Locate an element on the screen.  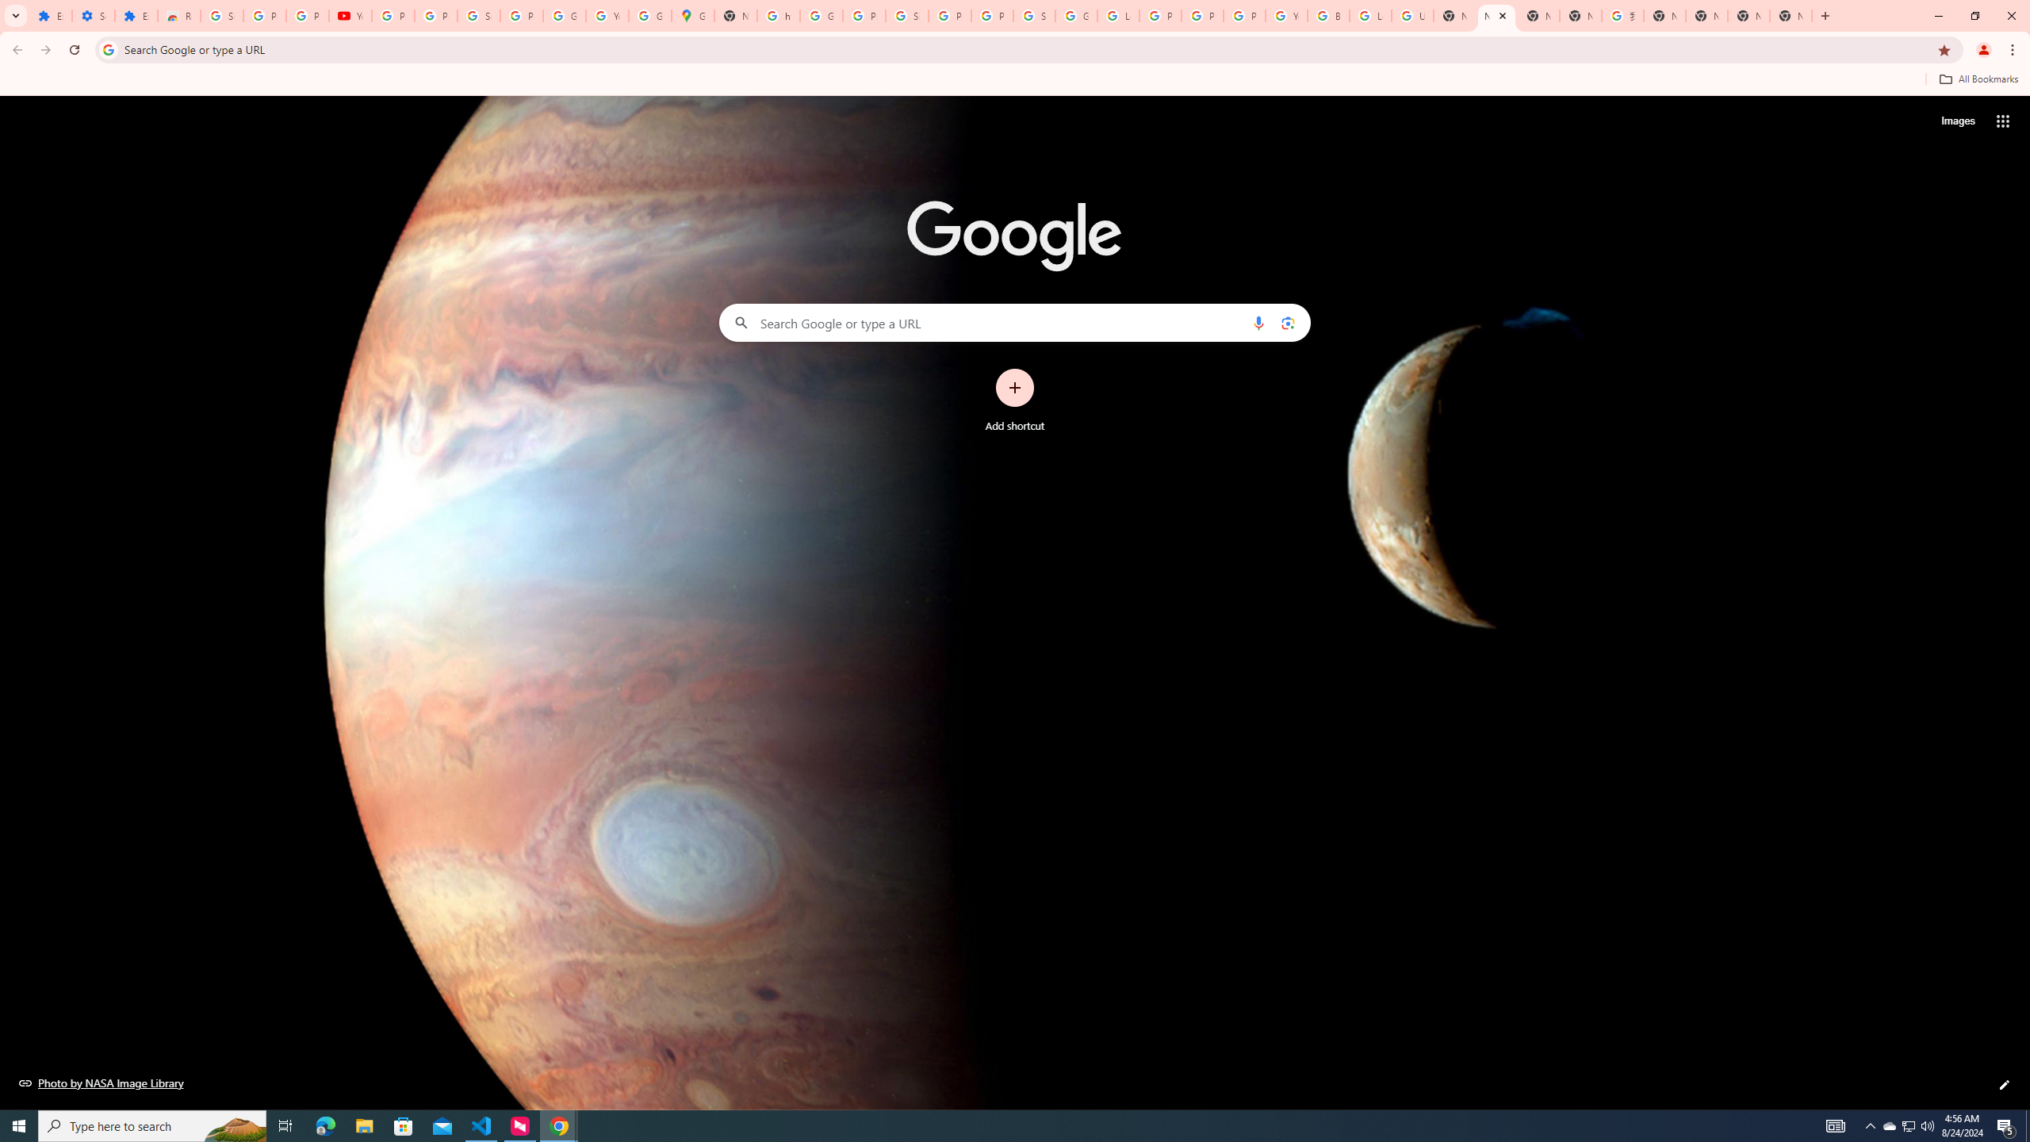
'Chrome' is located at coordinates (2013, 49).